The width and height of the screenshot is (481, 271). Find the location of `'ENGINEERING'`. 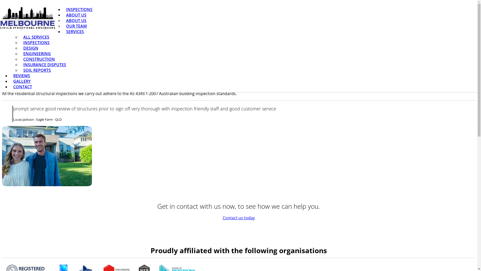

'ENGINEERING' is located at coordinates (37, 53).